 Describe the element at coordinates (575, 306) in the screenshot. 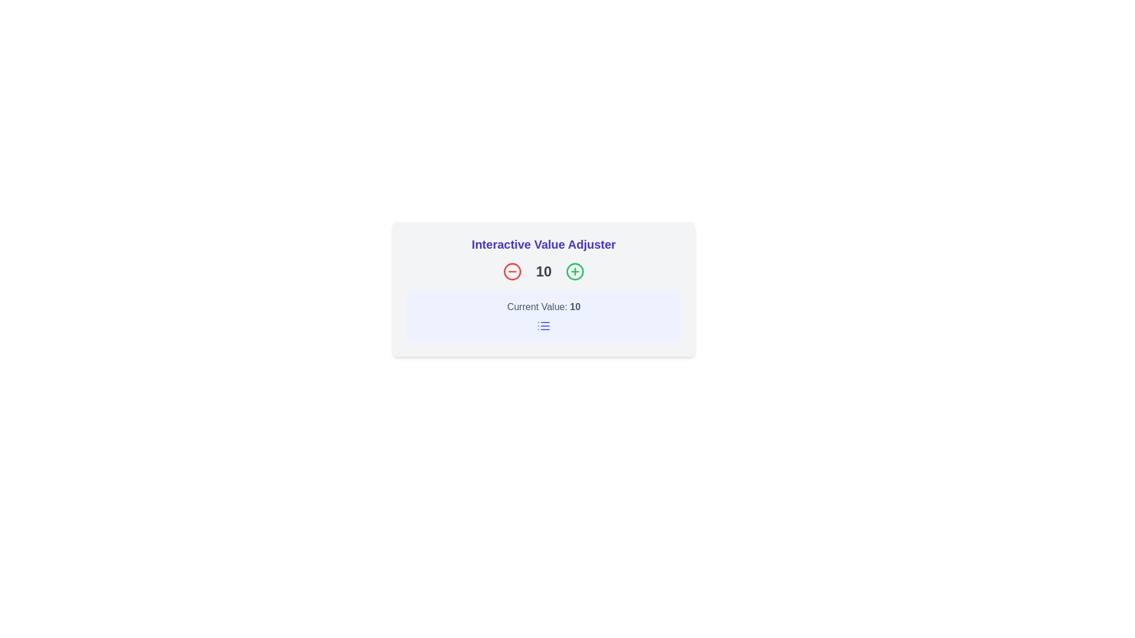

I see `the text label displaying the number '10', which is part of the phrase 'Current Value: 10', located below the header and icon row` at that location.